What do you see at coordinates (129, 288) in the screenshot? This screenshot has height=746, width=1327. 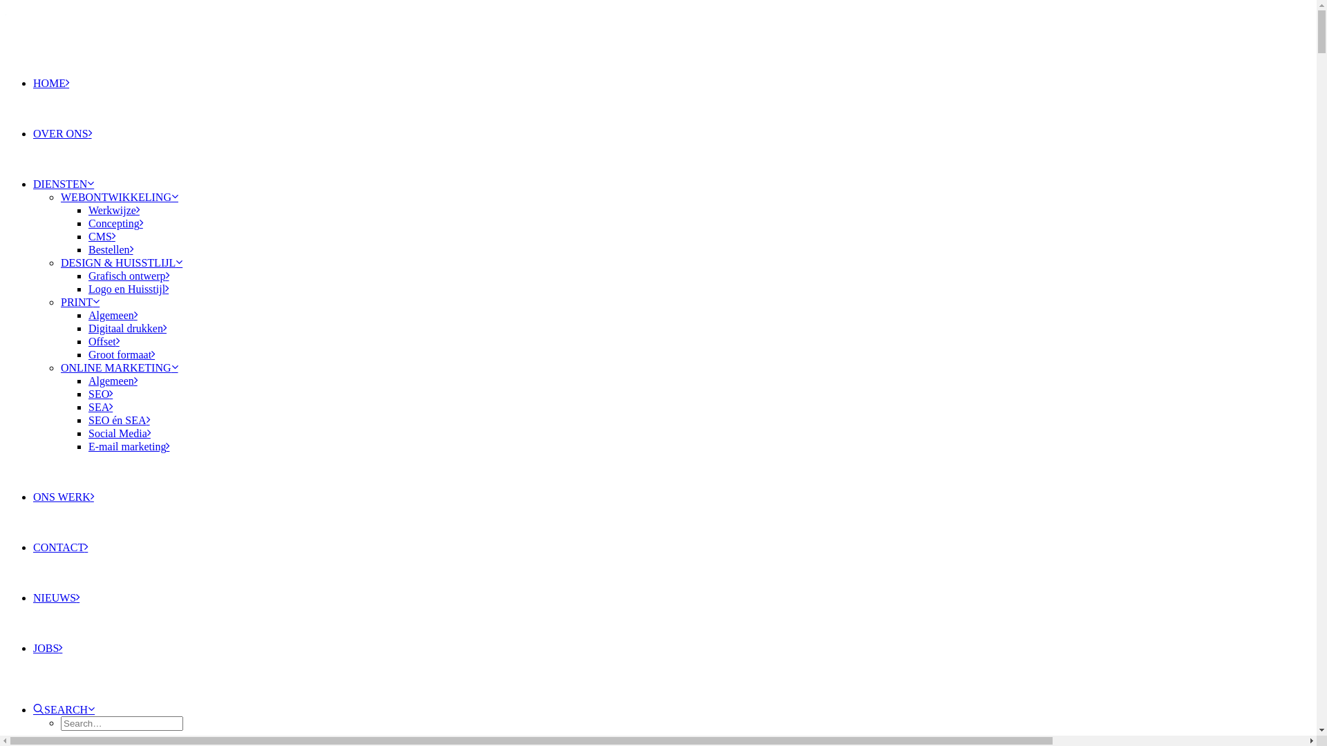 I see `'Logo en Huisstijl'` at bounding box center [129, 288].